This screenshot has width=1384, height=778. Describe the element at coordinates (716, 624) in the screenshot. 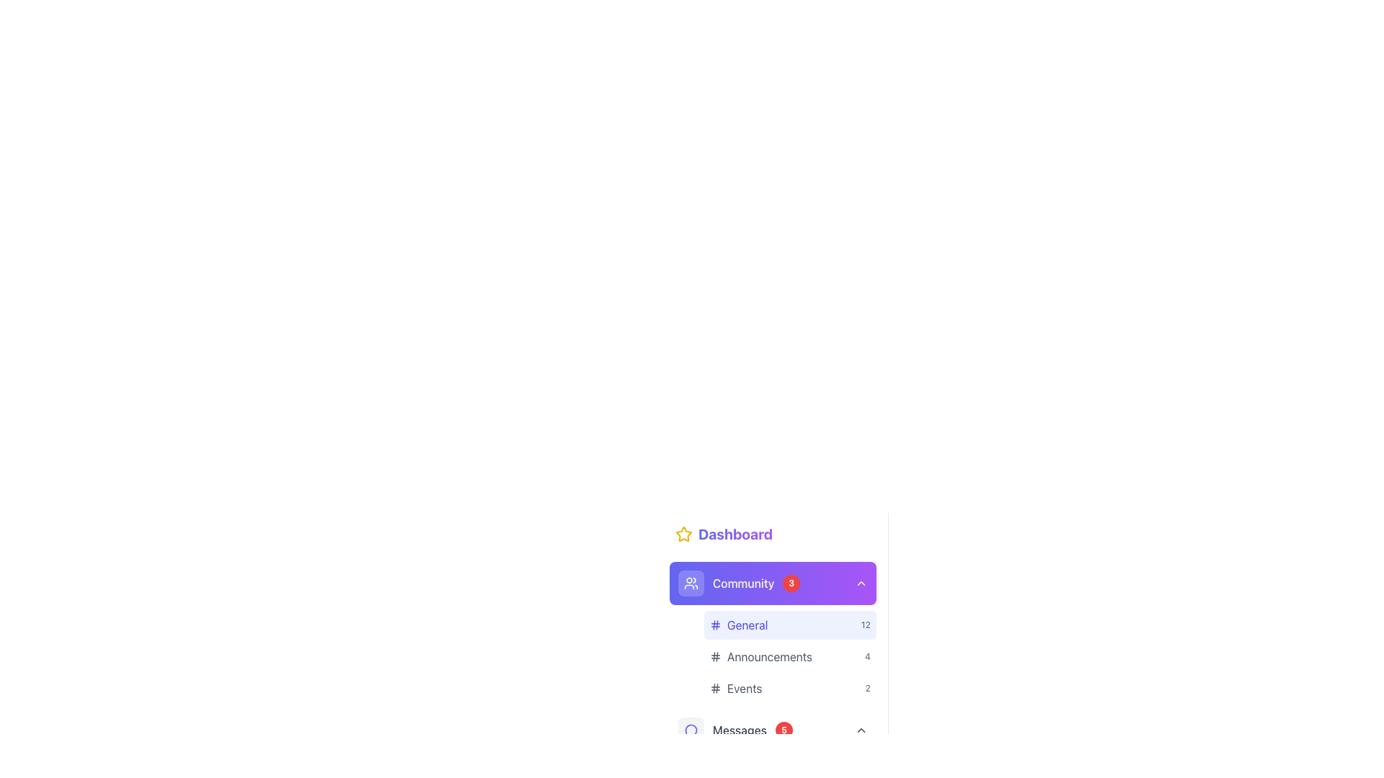

I see `the Graphic icon representing the 'General' category, located to the left of the 'General' text` at that location.